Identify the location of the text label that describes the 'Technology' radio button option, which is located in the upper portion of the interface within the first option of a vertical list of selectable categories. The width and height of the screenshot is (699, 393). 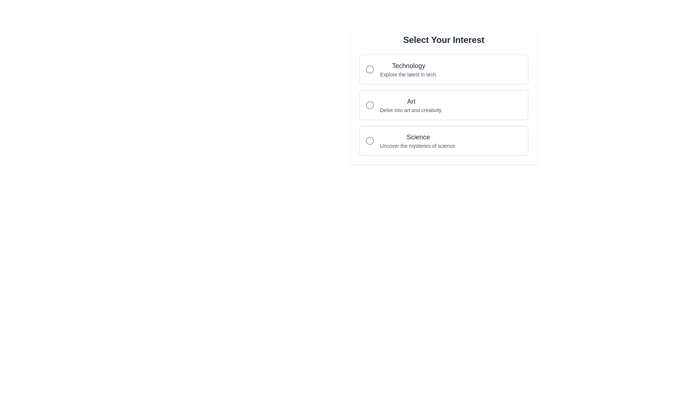
(408, 70).